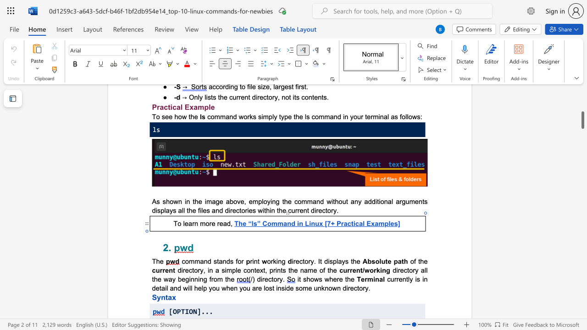 The image size is (587, 330). Describe the element at coordinates (230, 261) in the screenshot. I see `the space between the continuous character "d" and "s" in the text` at that location.